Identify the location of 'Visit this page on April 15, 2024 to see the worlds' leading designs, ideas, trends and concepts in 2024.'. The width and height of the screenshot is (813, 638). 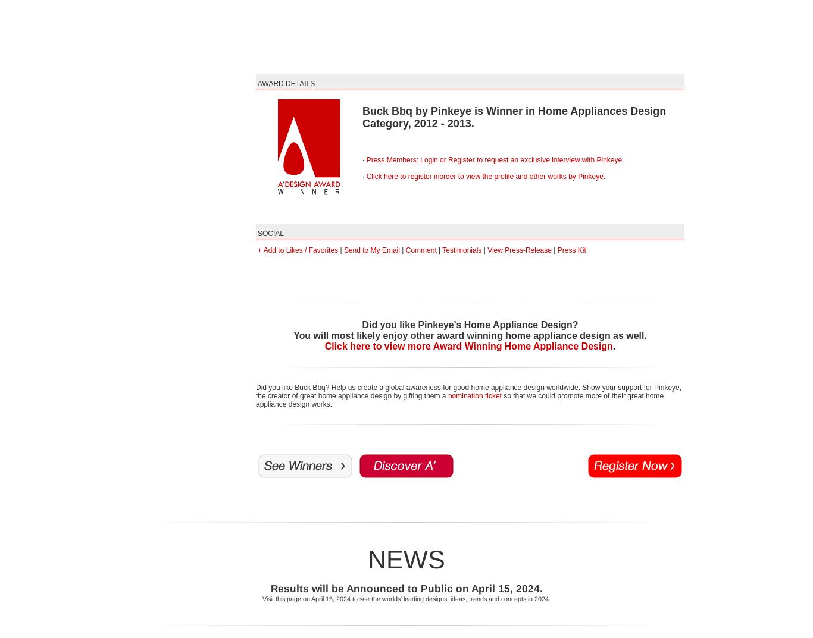
(406, 598).